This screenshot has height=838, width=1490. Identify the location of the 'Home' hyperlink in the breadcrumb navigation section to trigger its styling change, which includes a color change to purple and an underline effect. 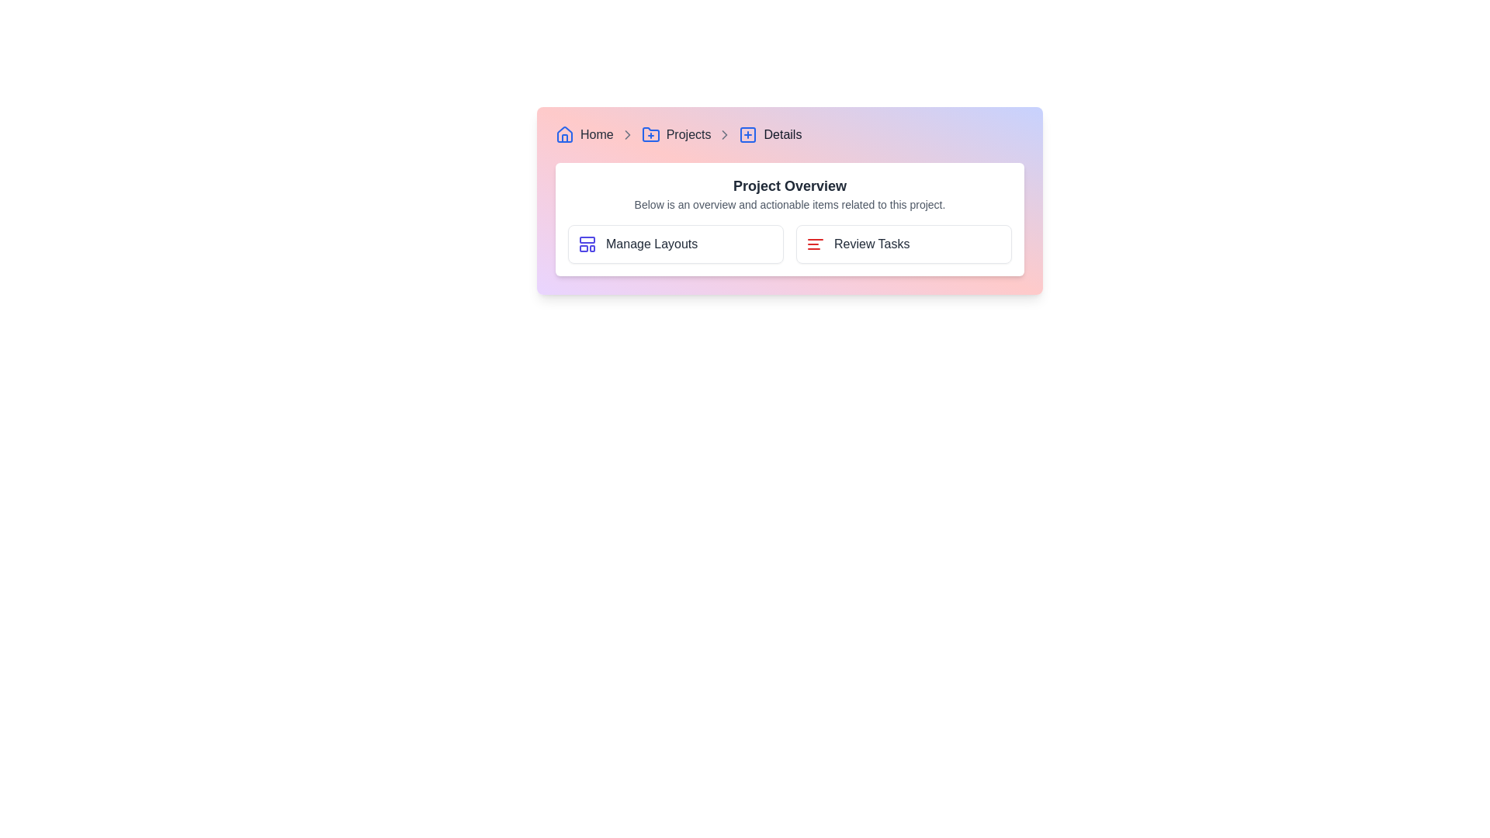
(596, 133).